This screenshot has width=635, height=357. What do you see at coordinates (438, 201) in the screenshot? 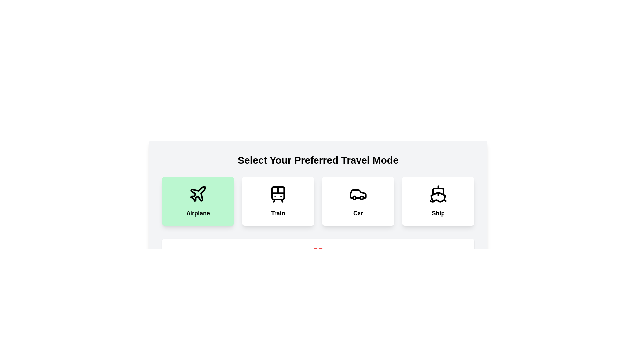
I see `the 'Ship' button, which is the far right option in the horizontal grid layout for selecting travel modes` at bounding box center [438, 201].